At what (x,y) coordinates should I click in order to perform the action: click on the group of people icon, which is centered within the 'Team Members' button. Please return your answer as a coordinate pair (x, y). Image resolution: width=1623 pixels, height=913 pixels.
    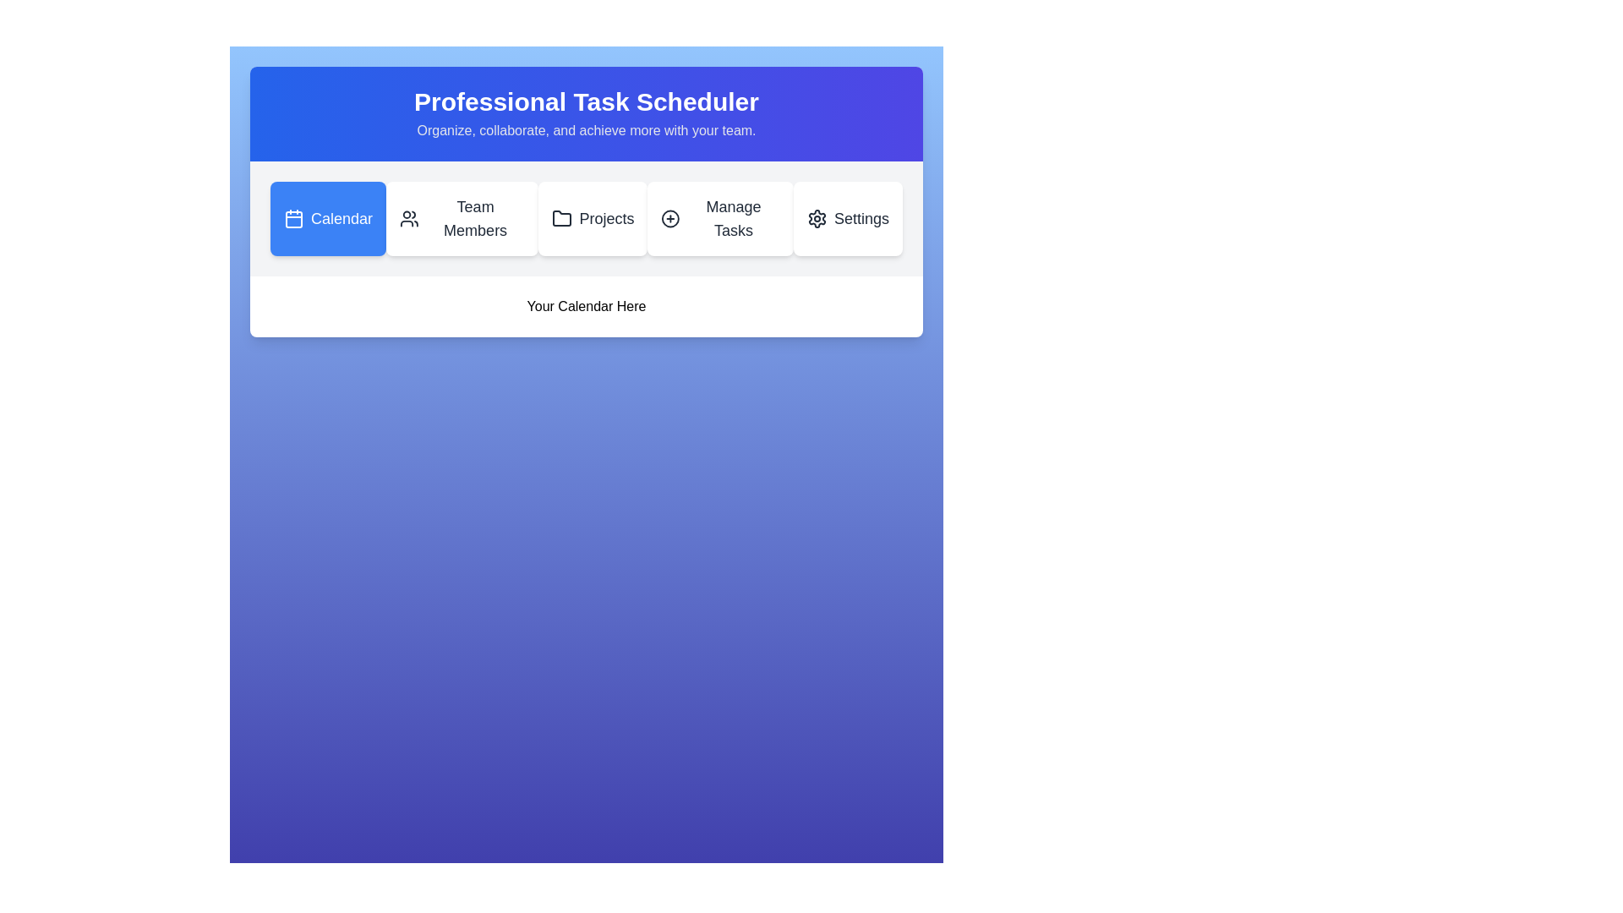
    Looking at the image, I should click on (409, 217).